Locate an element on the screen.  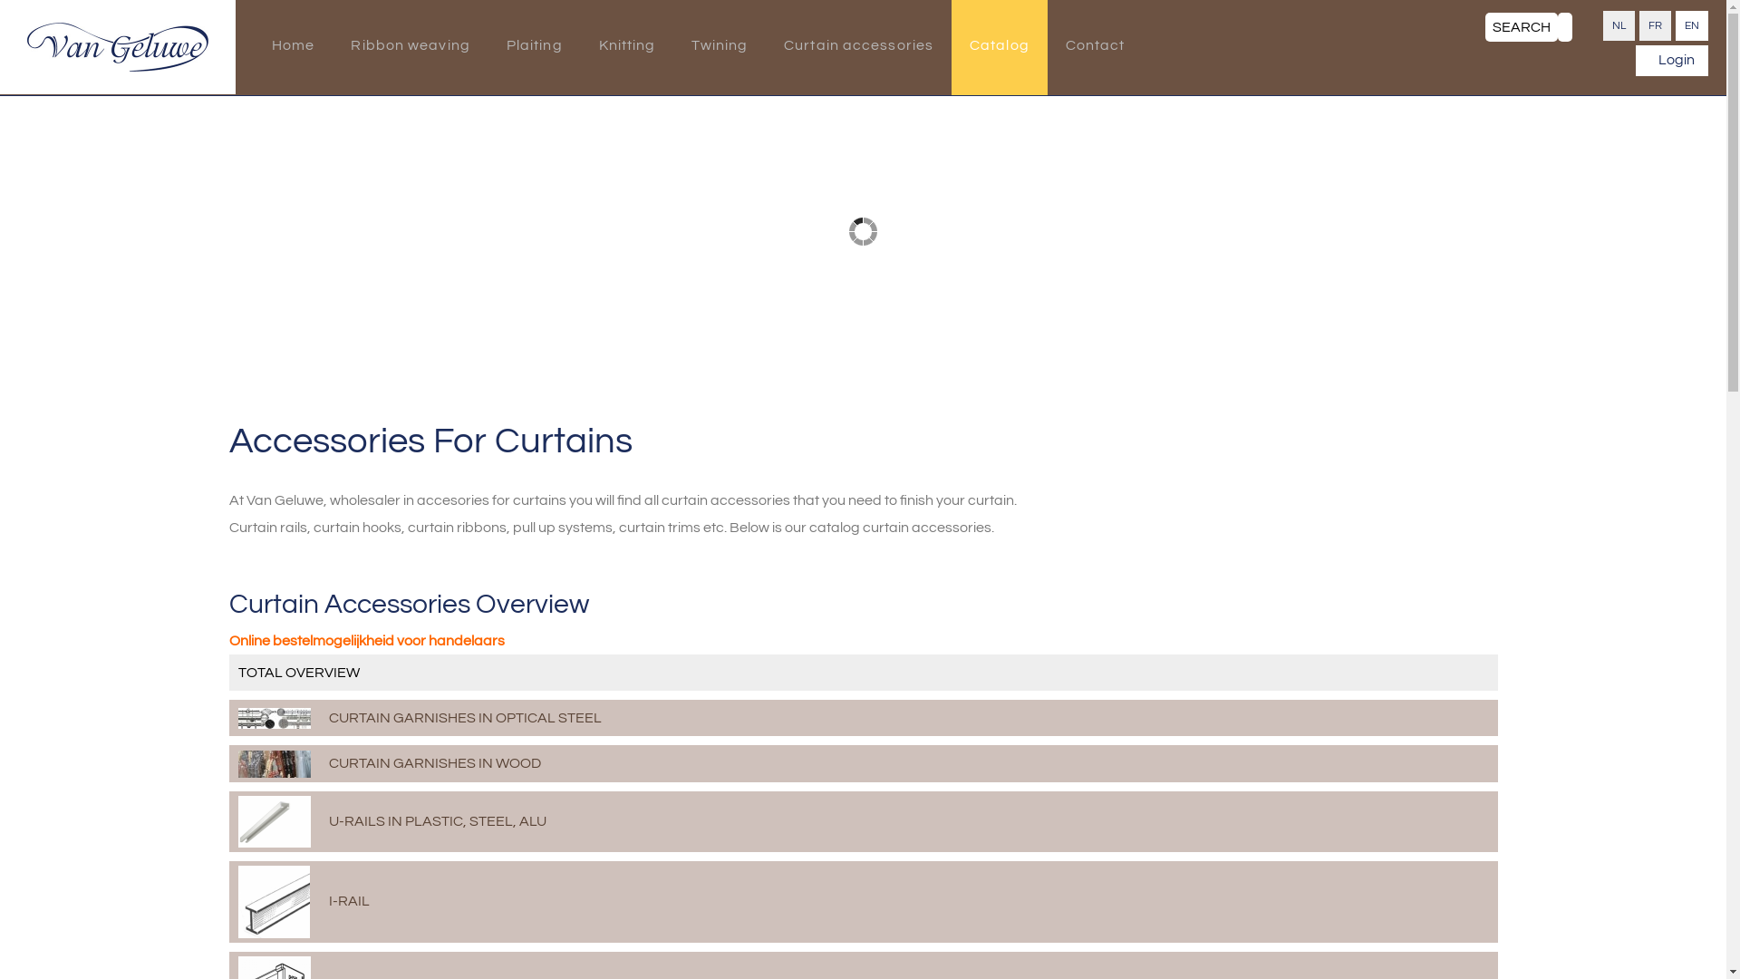
'Contact' is located at coordinates (1095, 46).